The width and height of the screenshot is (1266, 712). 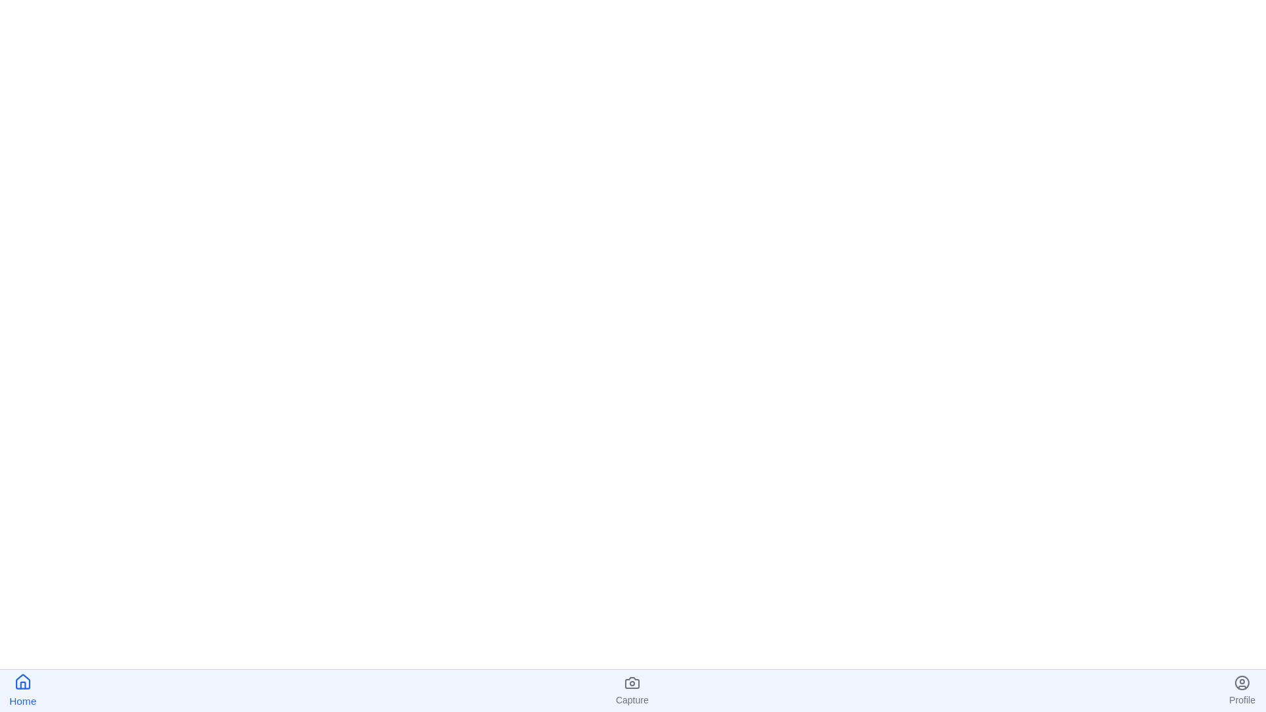 I want to click on the Profile icon in the bottom navigation bar, so click(x=1241, y=690).